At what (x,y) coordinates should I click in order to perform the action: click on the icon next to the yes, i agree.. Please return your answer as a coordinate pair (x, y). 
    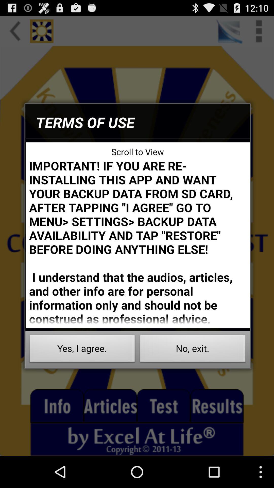
    Looking at the image, I should click on (193, 350).